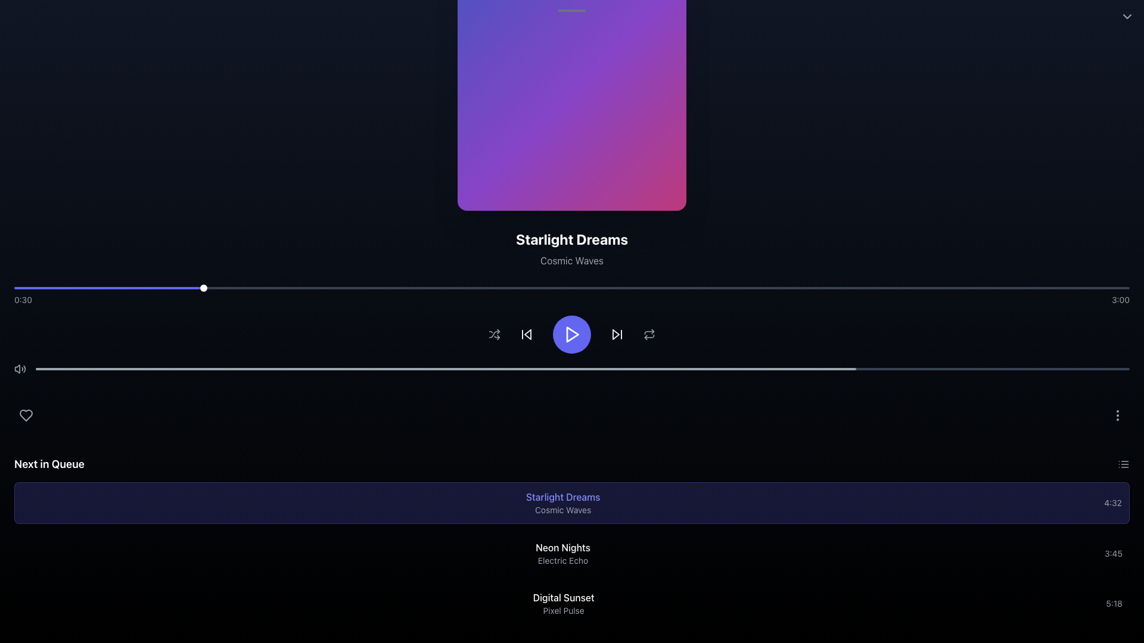 This screenshot has height=643, width=1144. Describe the element at coordinates (200, 288) in the screenshot. I see `playback position` at that location.